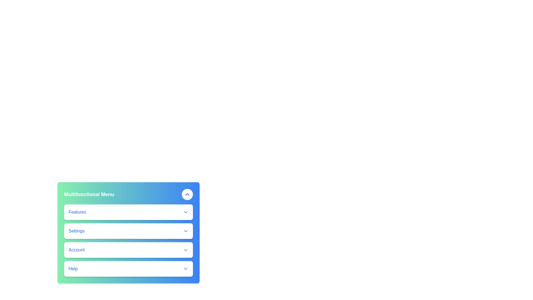  I want to click on the Dropdown menu trigger located at the bottom of the Multifunctional Menu to observe the hover effect, so click(128, 269).